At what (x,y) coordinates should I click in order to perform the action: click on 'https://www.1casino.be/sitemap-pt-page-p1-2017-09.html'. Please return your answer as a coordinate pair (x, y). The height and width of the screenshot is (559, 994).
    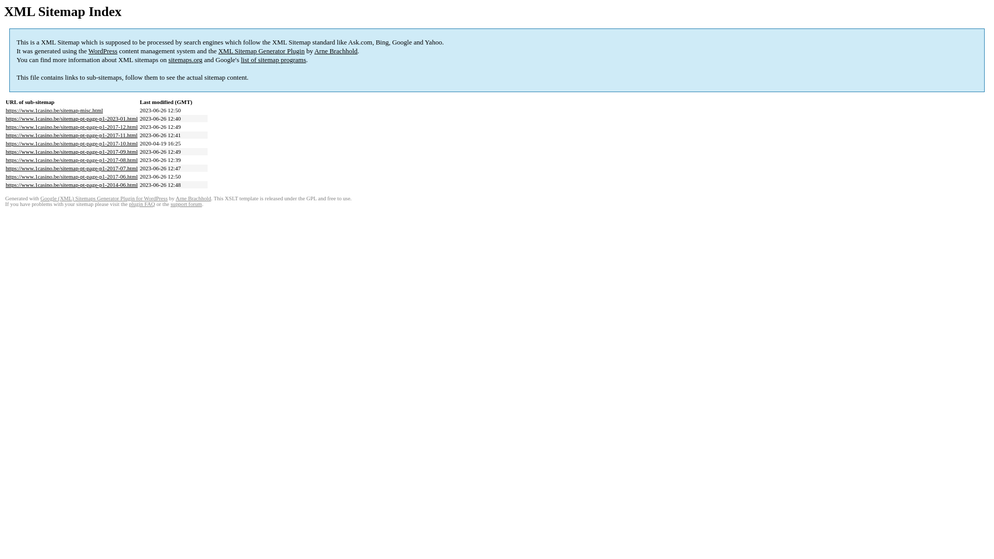
    Looking at the image, I should click on (71, 152).